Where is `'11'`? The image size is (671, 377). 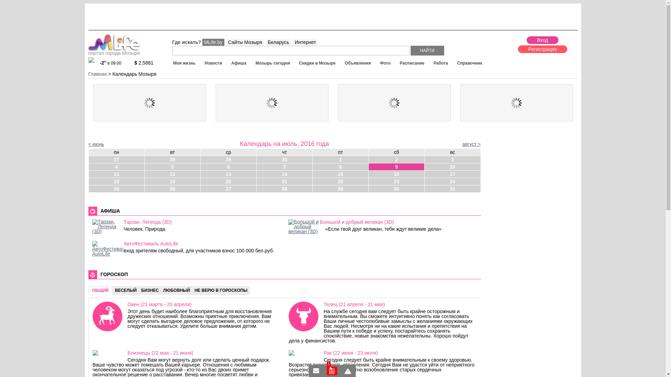 '11' is located at coordinates (116, 173).